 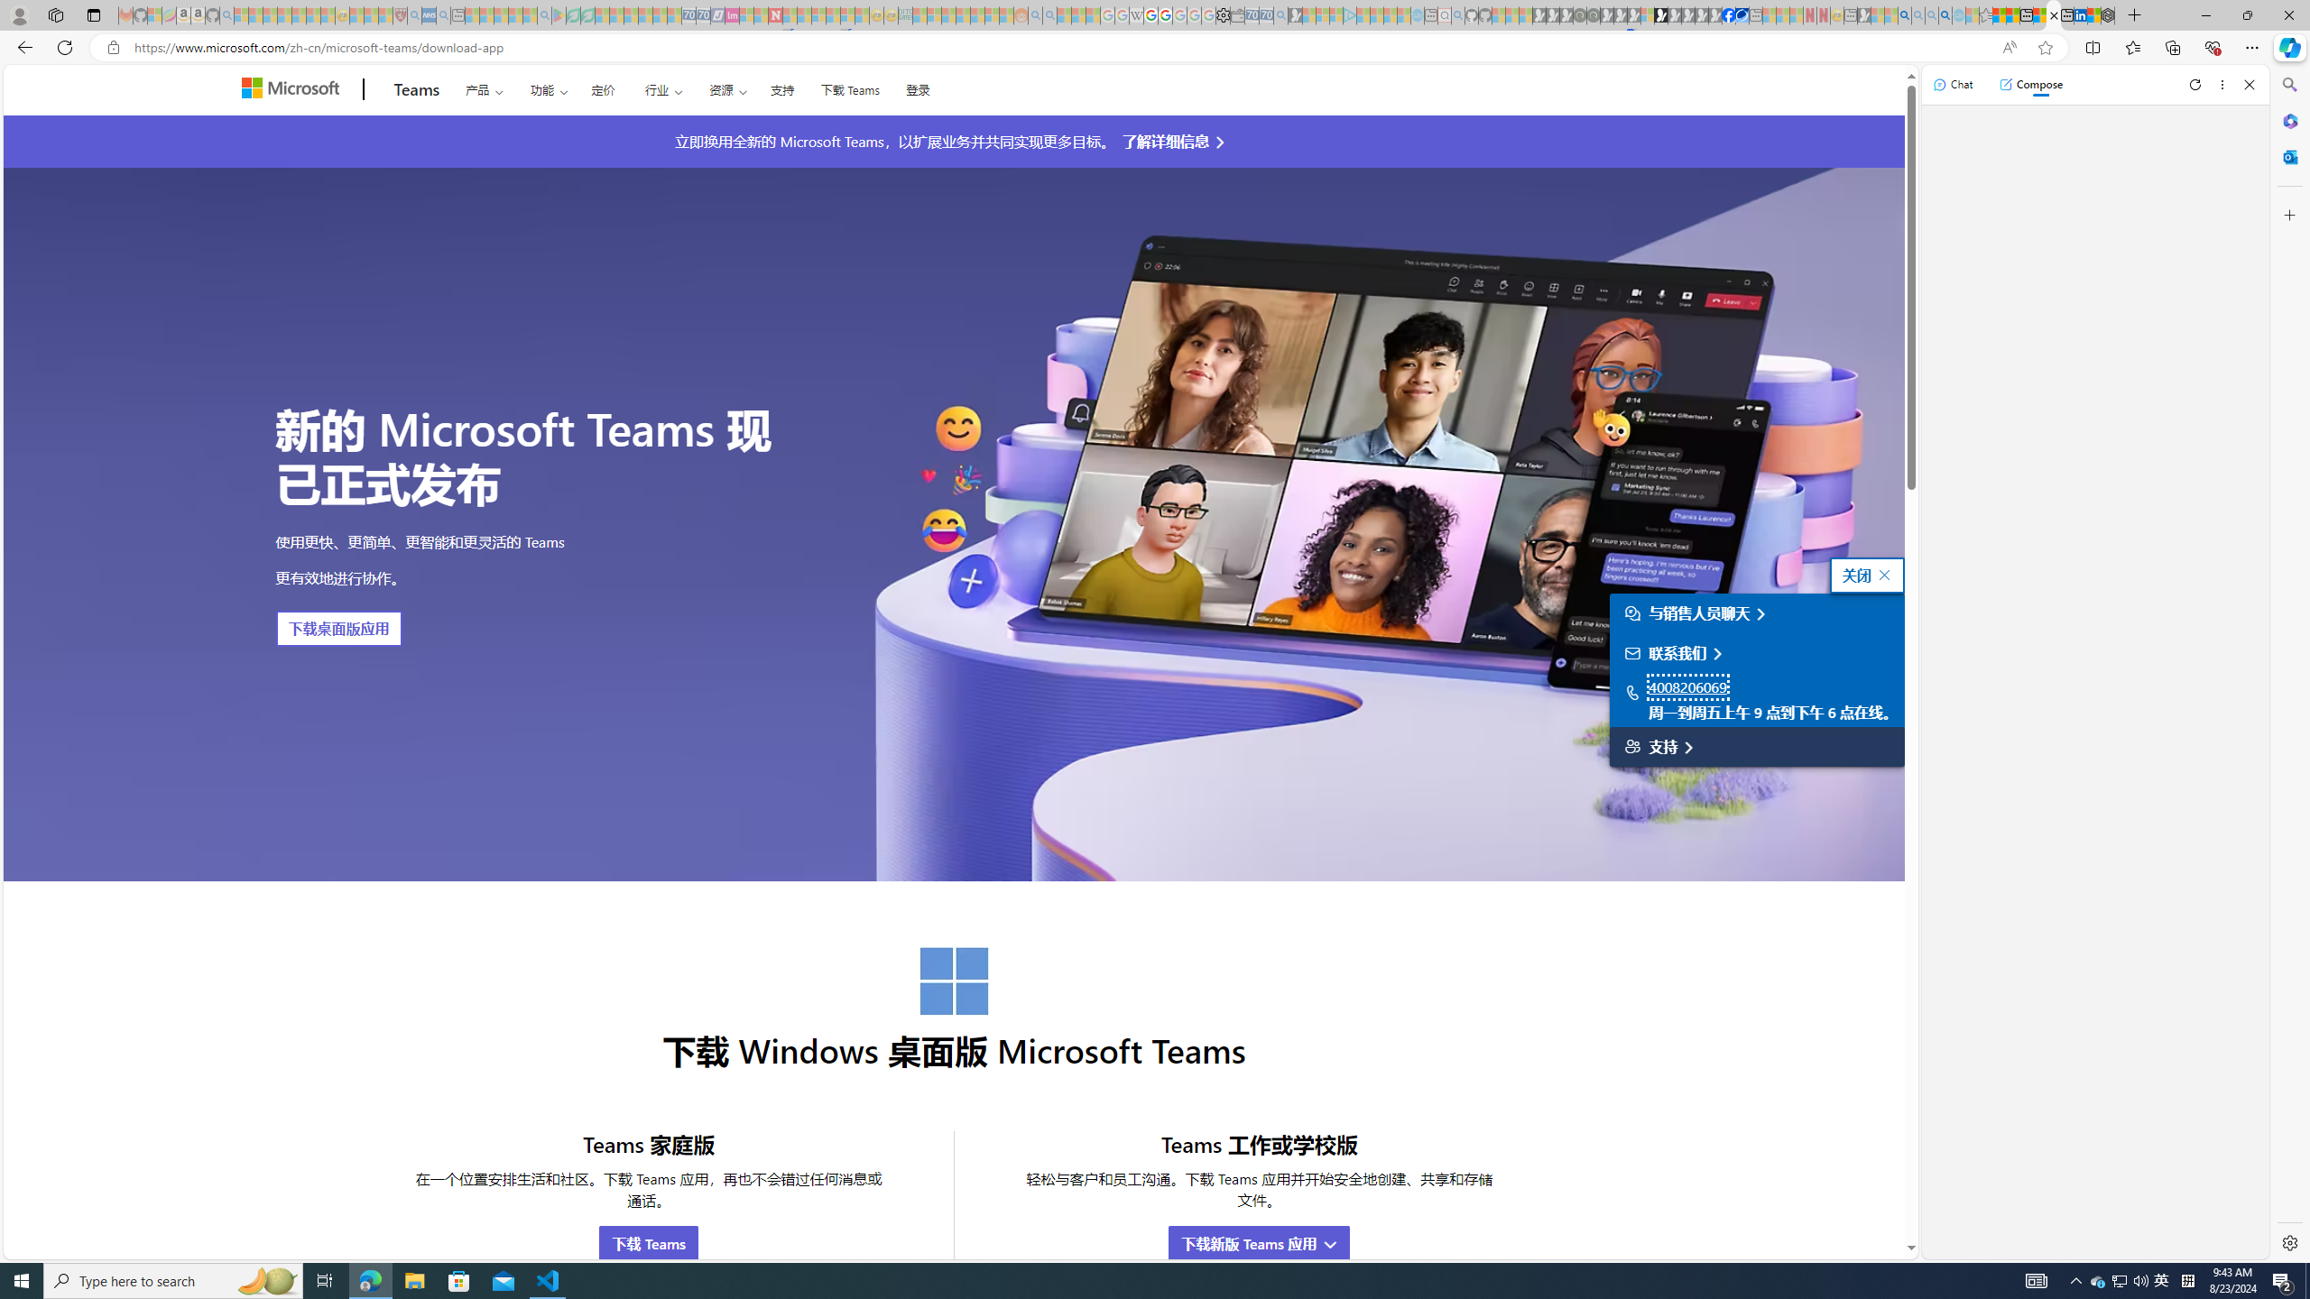 I want to click on 'Google Chrome Internet Browser Download - Search Images', so click(x=1945, y=14).